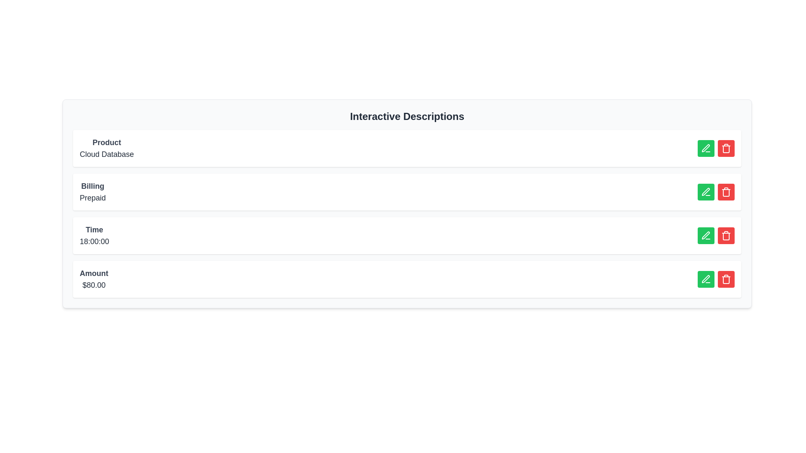 The height and width of the screenshot is (453, 806). What do you see at coordinates (94, 241) in the screenshot?
I see `the time display element located beneath the label 'Time' in the third section of the layout` at bounding box center [94, 241].